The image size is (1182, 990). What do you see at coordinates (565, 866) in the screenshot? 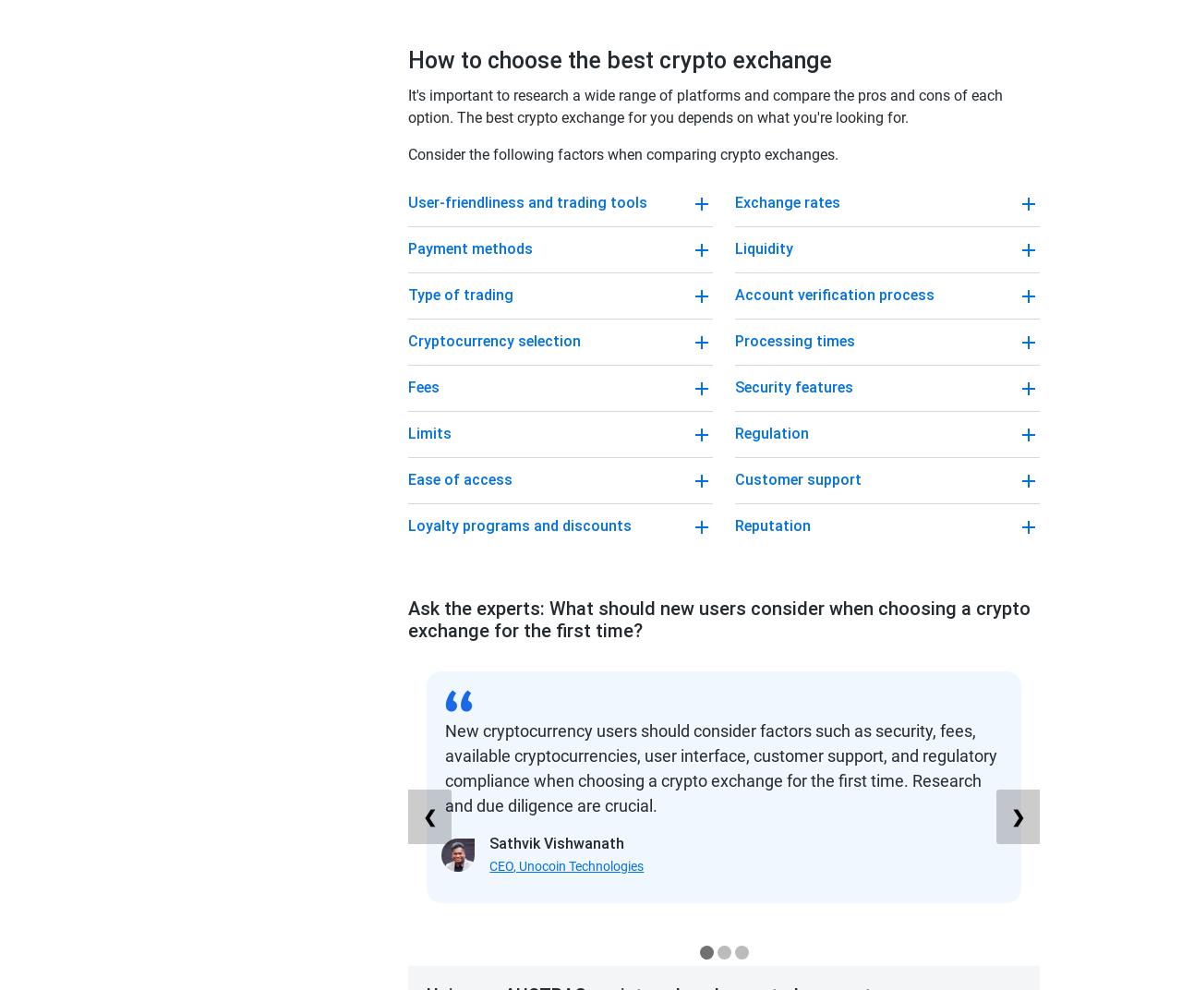
I see `'CEO, Unocoin Technologies'` at bounding box center [565, 866].